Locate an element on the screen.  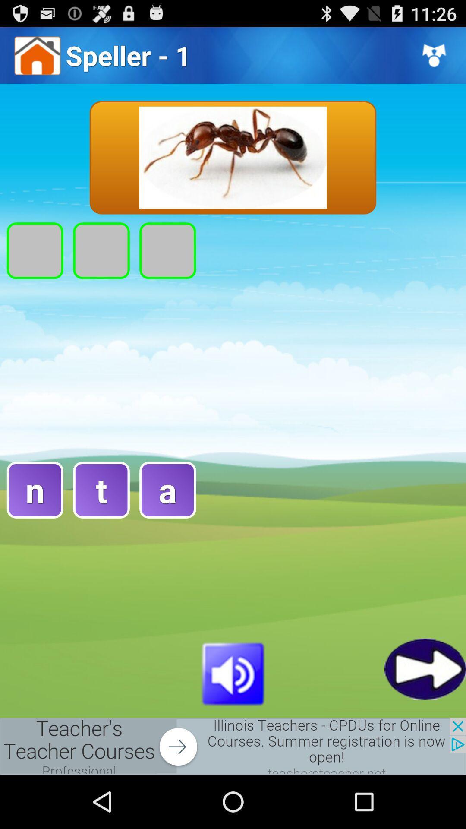
next is located at coordinates (425, 668).